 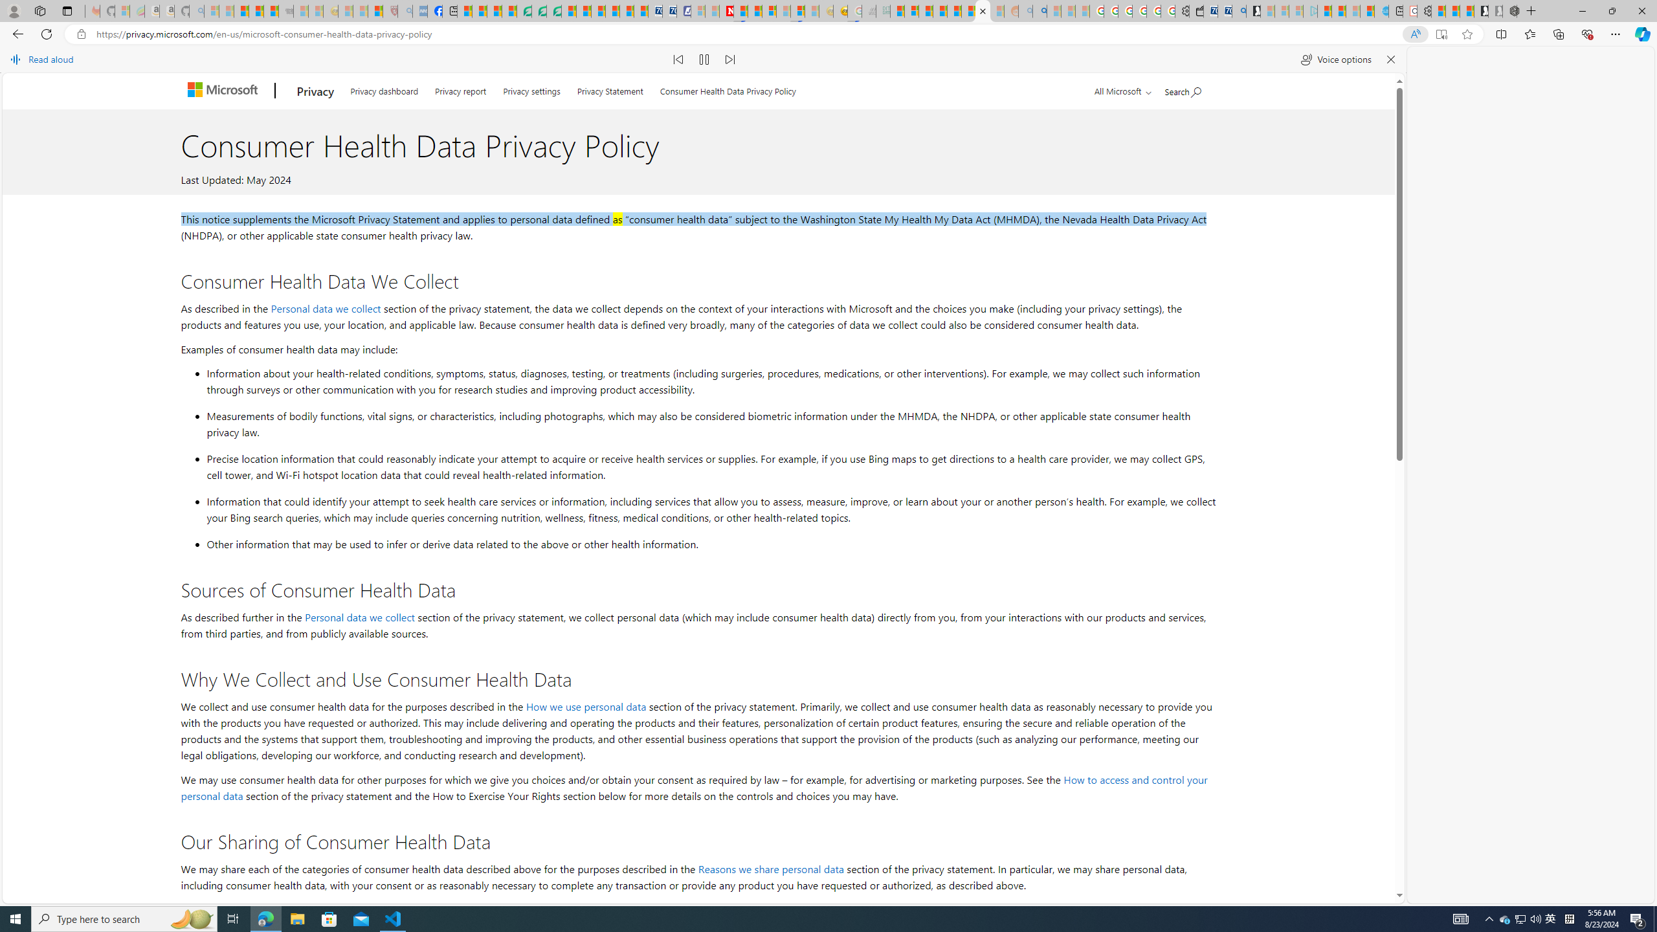 What do you see at coordinates (1182, 89) in the screenshot?
I see `'Search Microsoft.com'` at bounding box center [1182, 89].